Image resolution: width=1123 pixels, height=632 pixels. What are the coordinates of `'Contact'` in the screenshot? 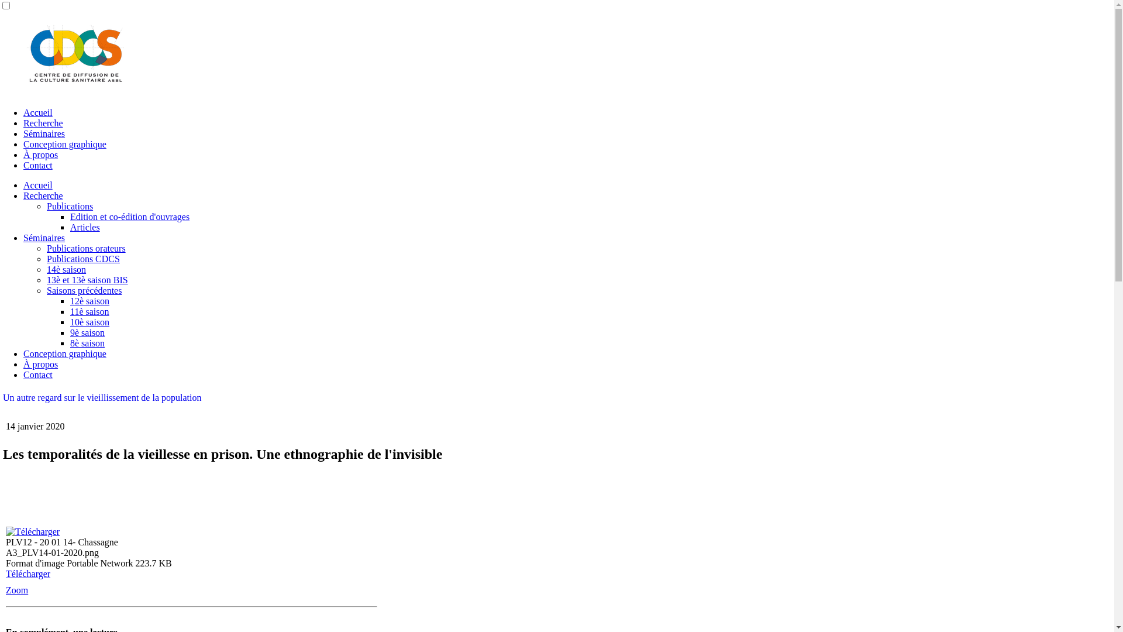 It's located at (23, 375).